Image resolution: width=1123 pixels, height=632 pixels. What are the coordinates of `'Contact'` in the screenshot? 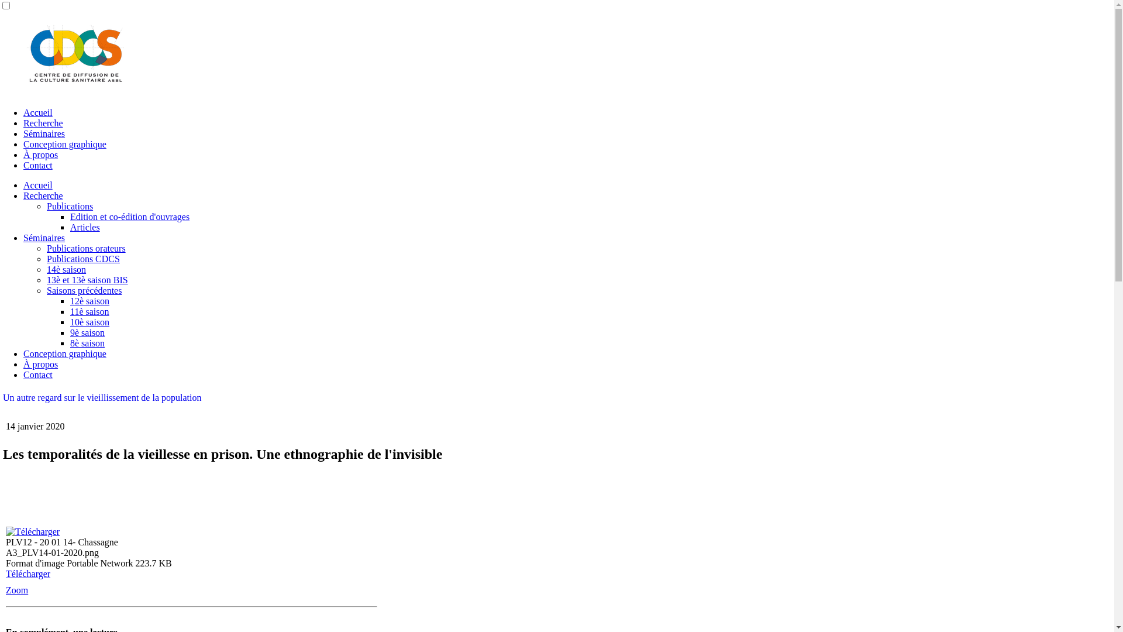 It's located at (23, 375).